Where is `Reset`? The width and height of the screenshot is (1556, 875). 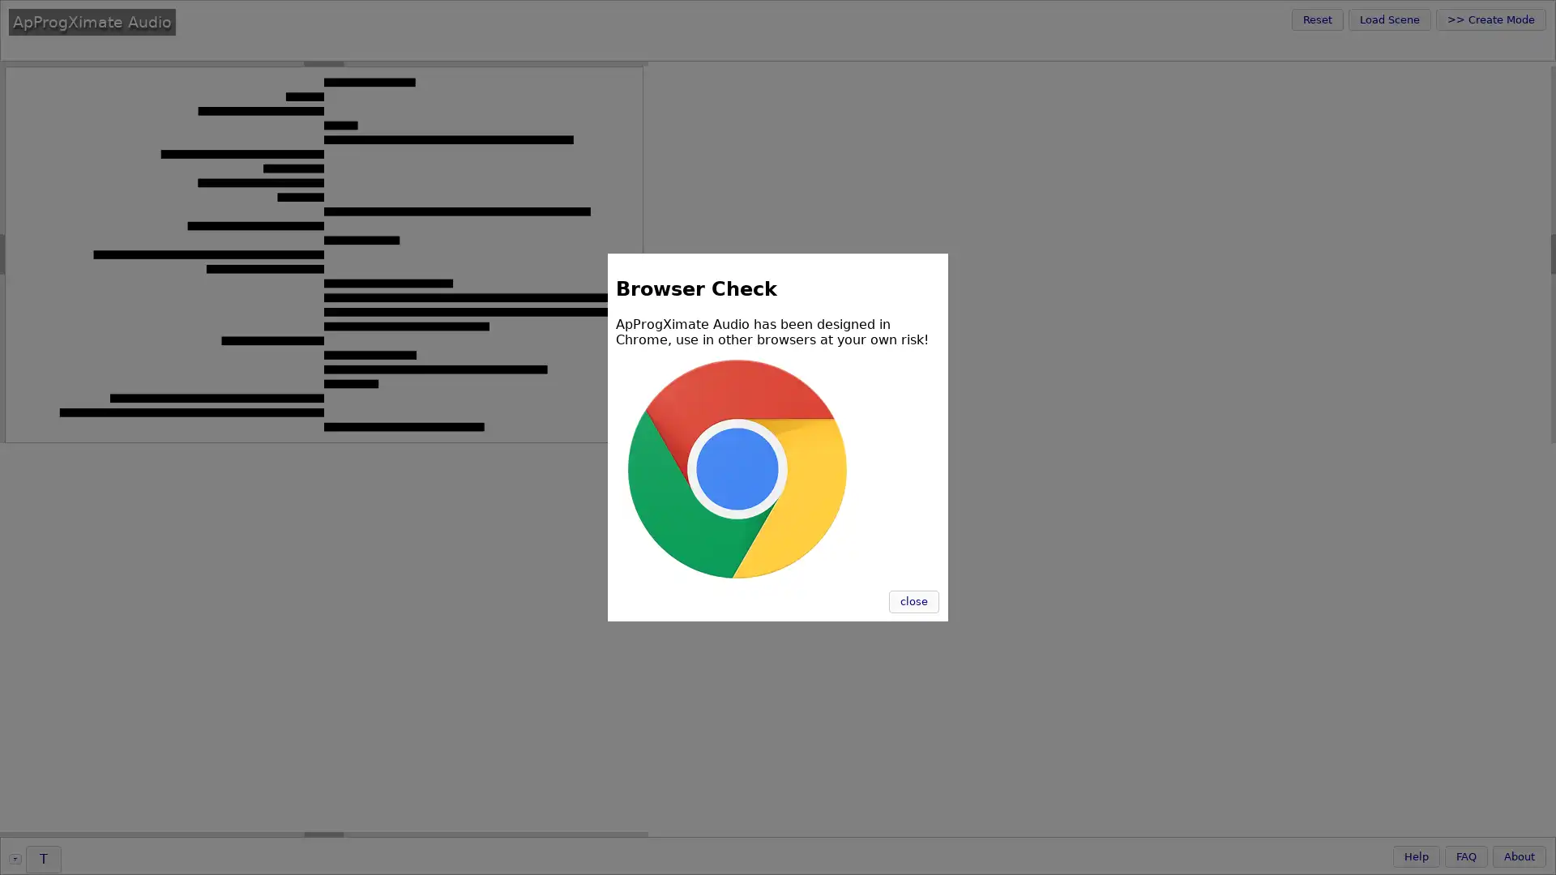 Reset is located at coordinates (1318, 19).